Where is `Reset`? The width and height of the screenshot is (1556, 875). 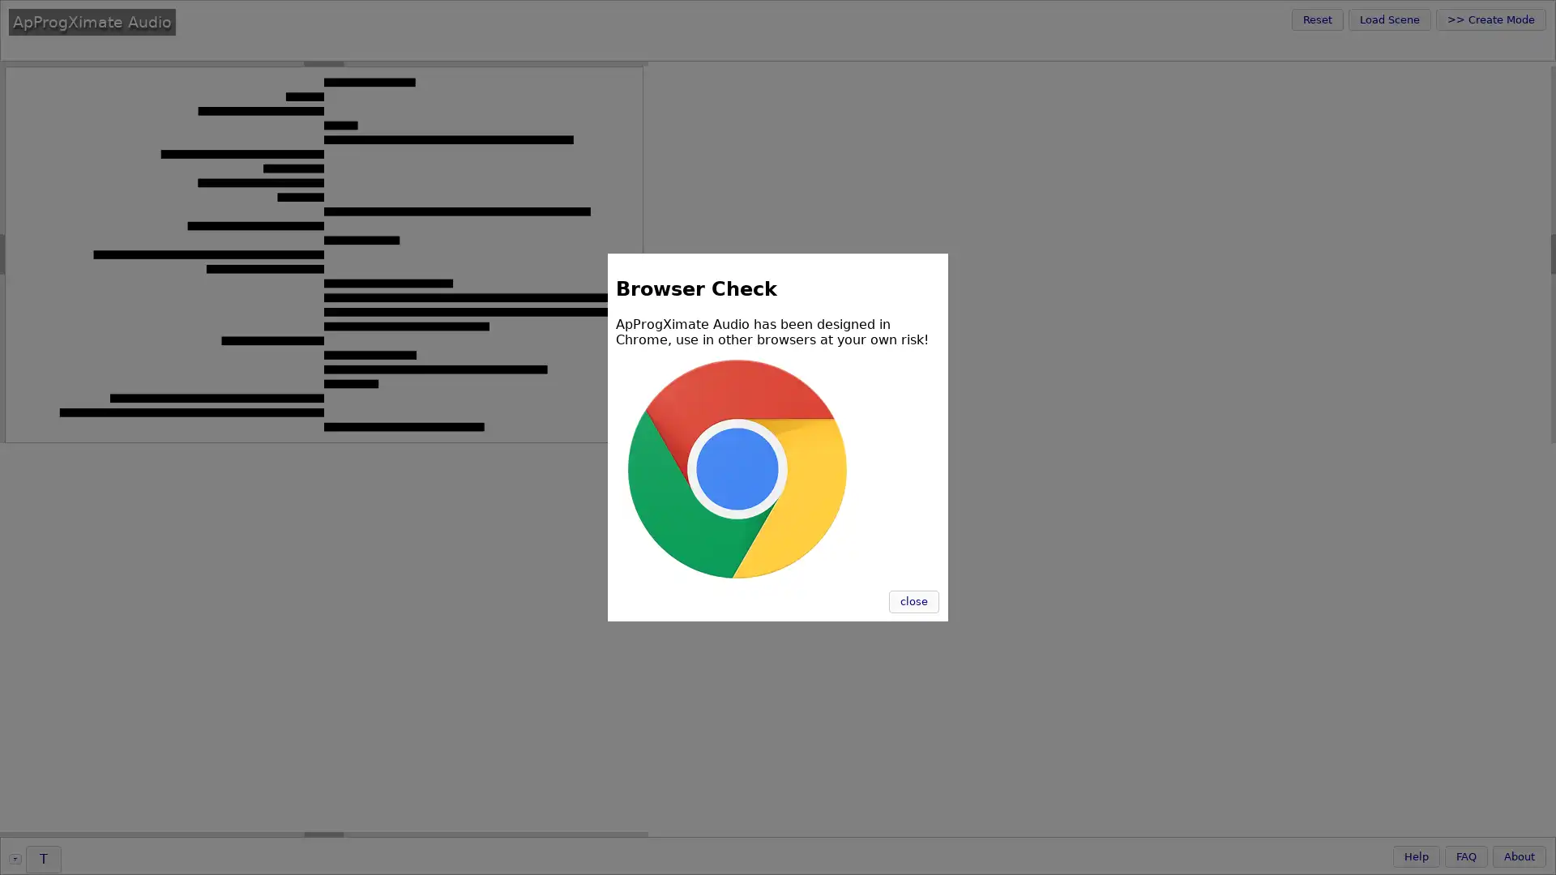 Reset is located at coordinates (1318, 19).